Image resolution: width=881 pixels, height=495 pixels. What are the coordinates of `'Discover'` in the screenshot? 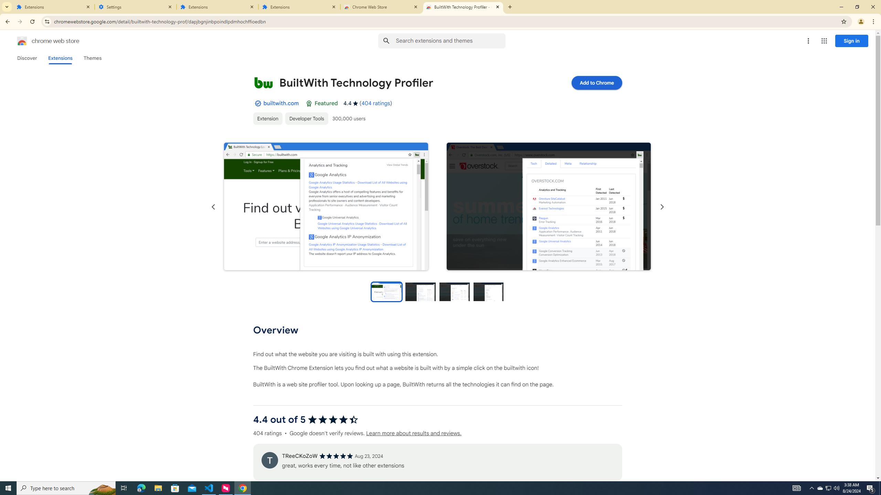 It's located at (26, 58).